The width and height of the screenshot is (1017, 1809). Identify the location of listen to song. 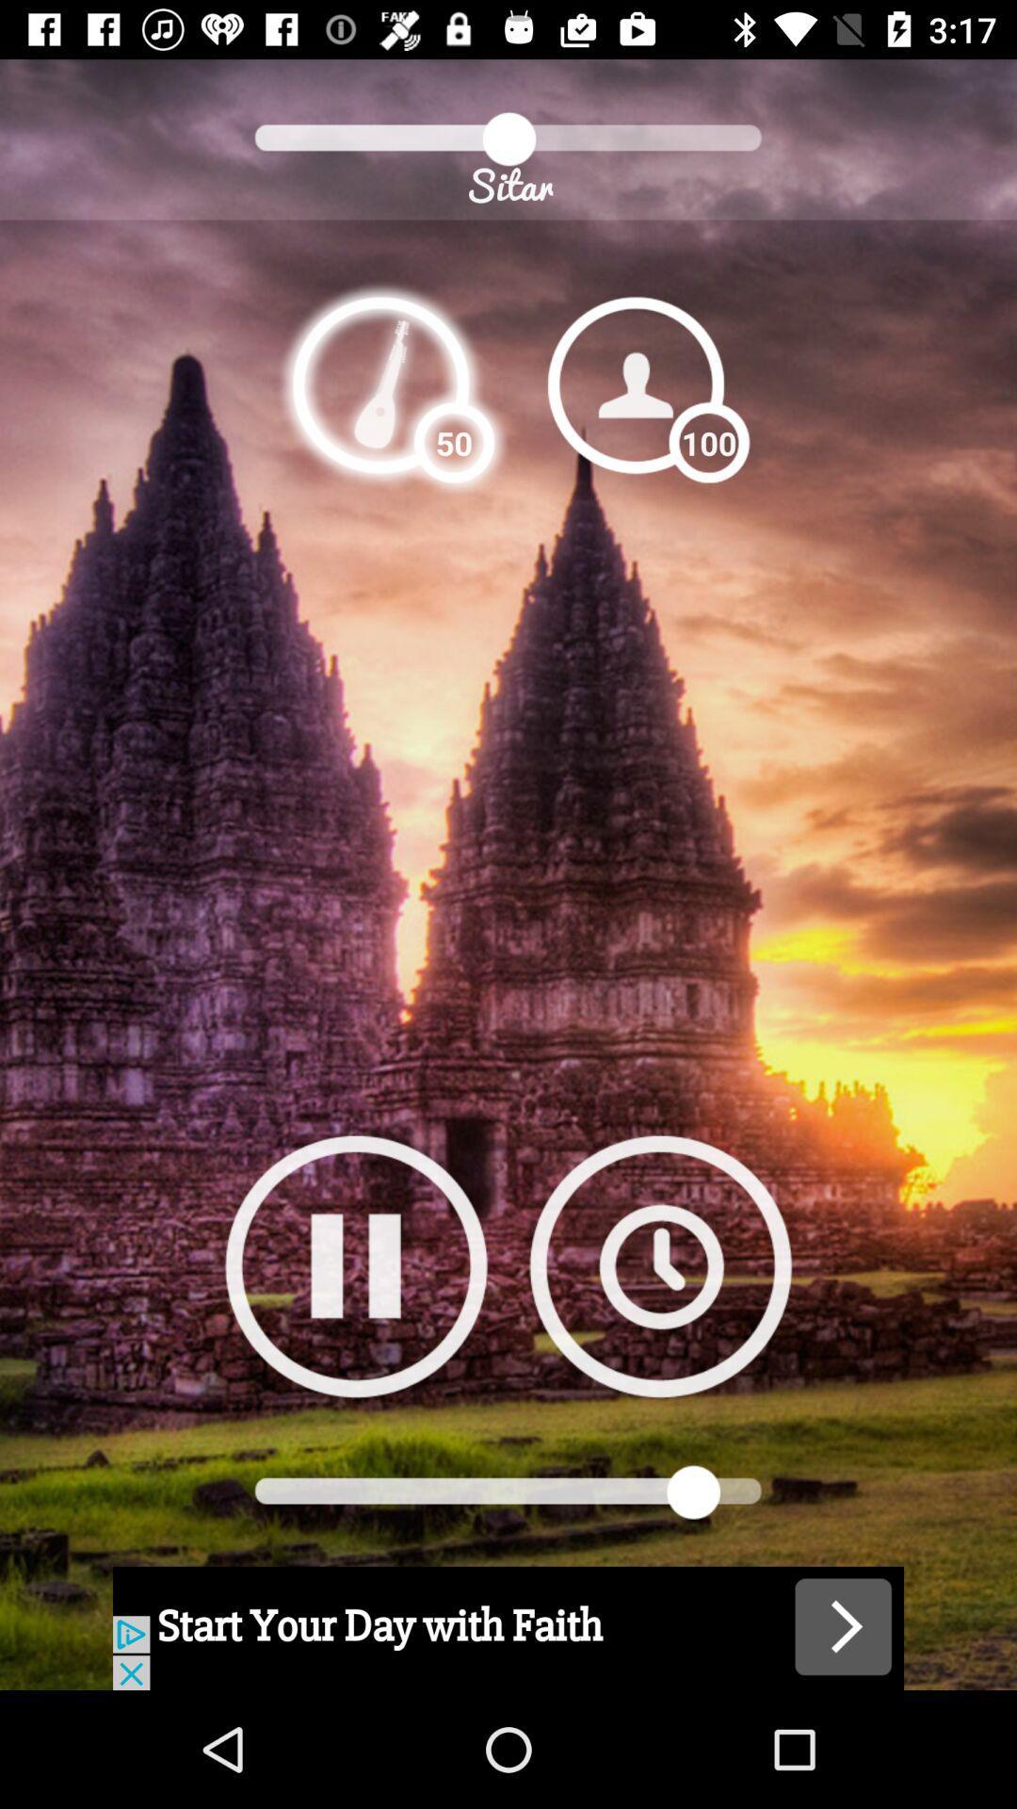
(380, 383).